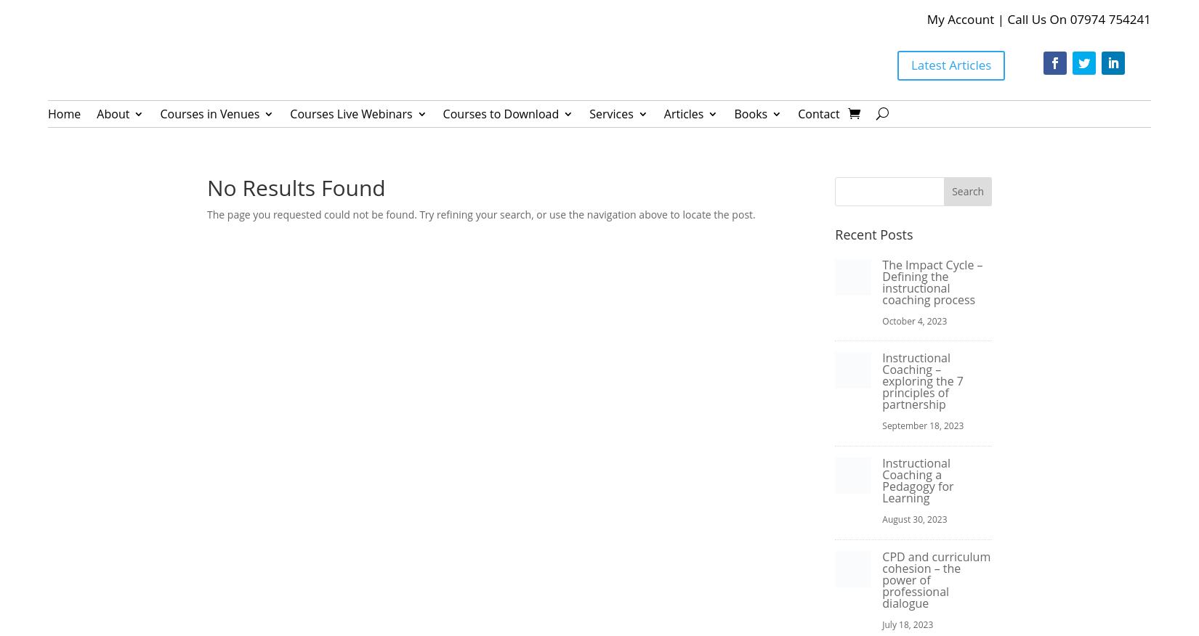 This screenshot has width=1199, height=636. What do you see at coordinates (343, 301) in the screenshot?
I see `'Certificated Programmes'` at bounding box center [343, 301].